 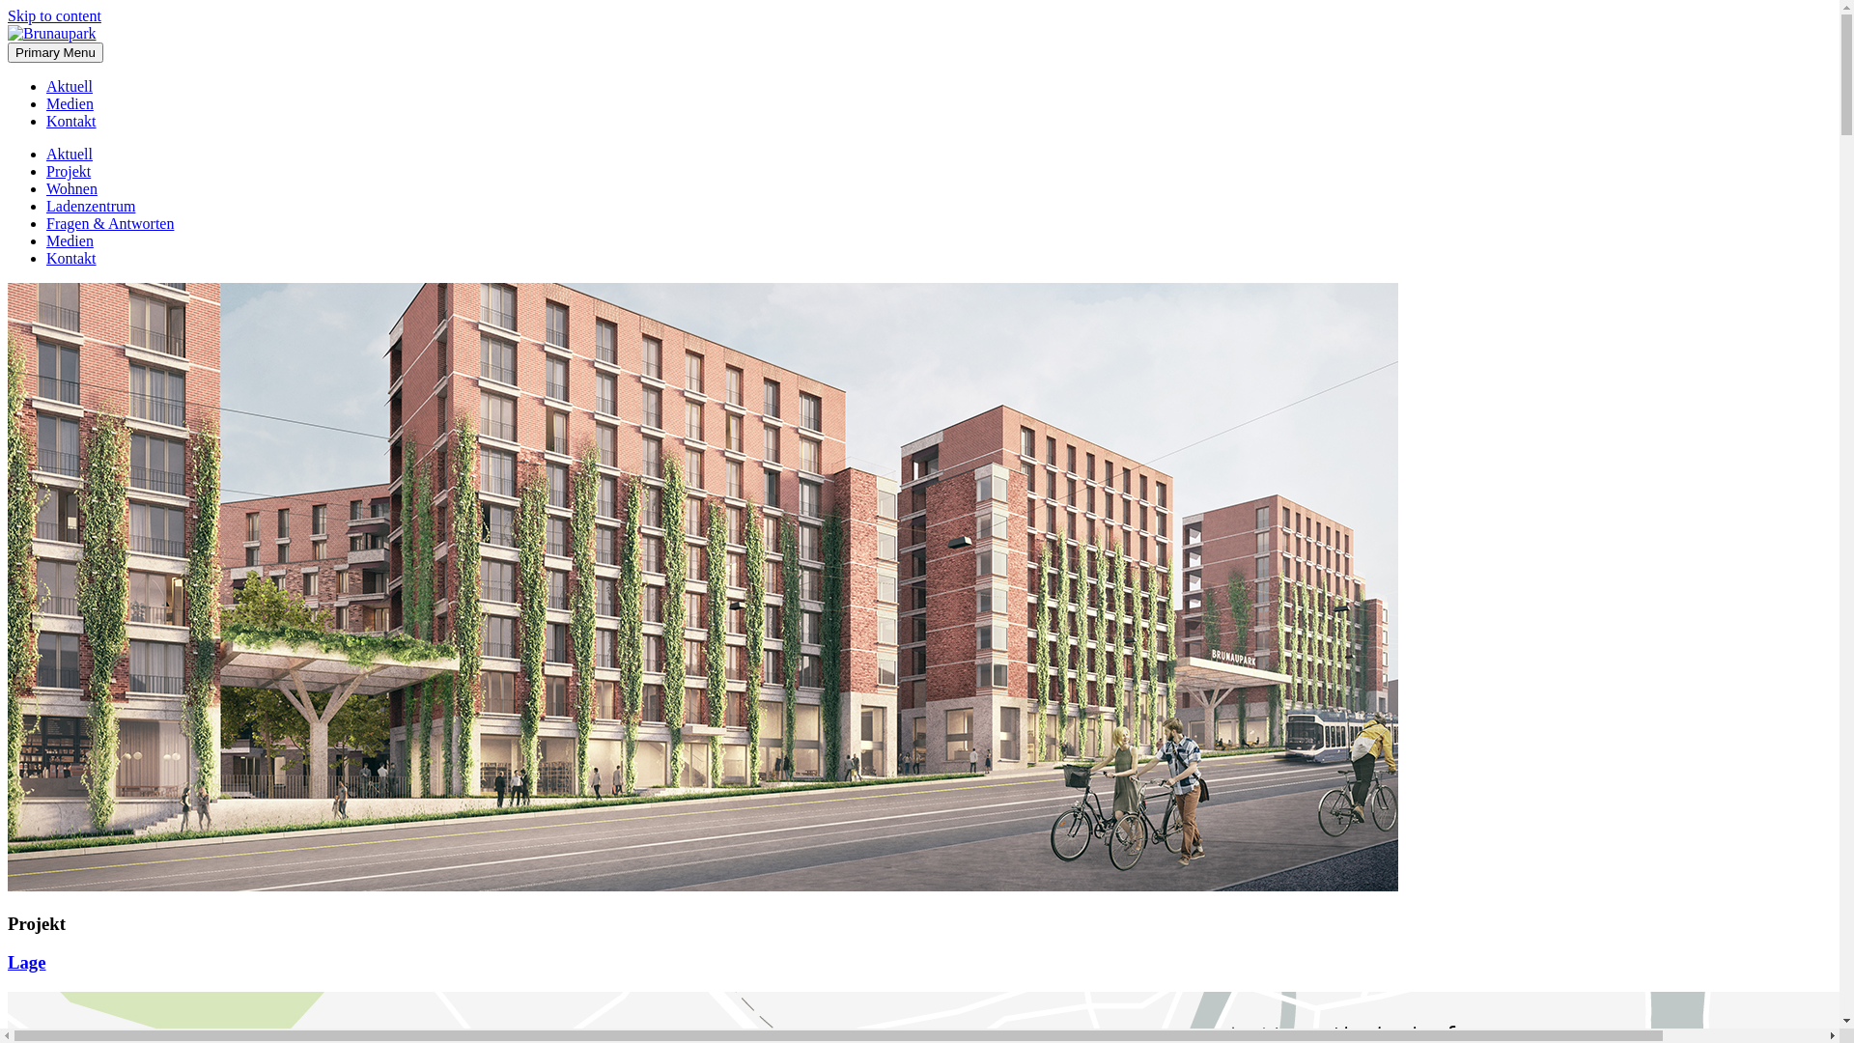 I want to click on 'Kontakt', so click(x=70, y=121).